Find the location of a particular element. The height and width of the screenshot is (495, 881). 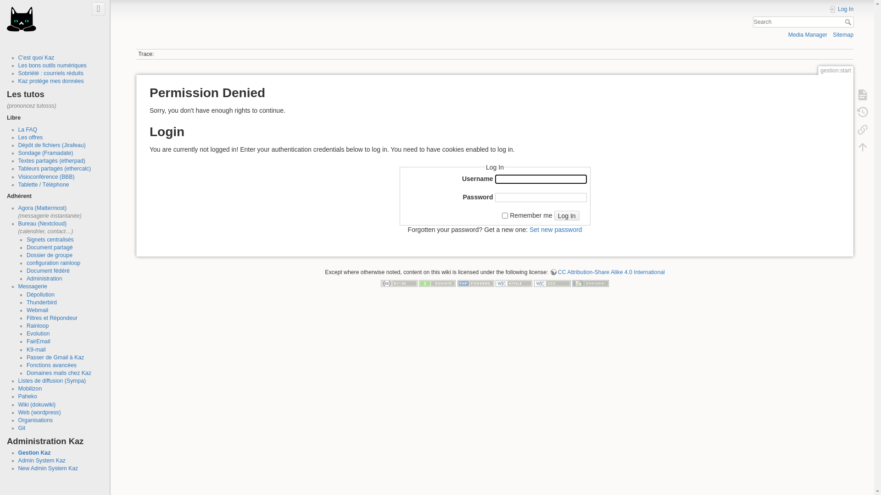

'Valid CSS' is located at coordinates (552, 282).